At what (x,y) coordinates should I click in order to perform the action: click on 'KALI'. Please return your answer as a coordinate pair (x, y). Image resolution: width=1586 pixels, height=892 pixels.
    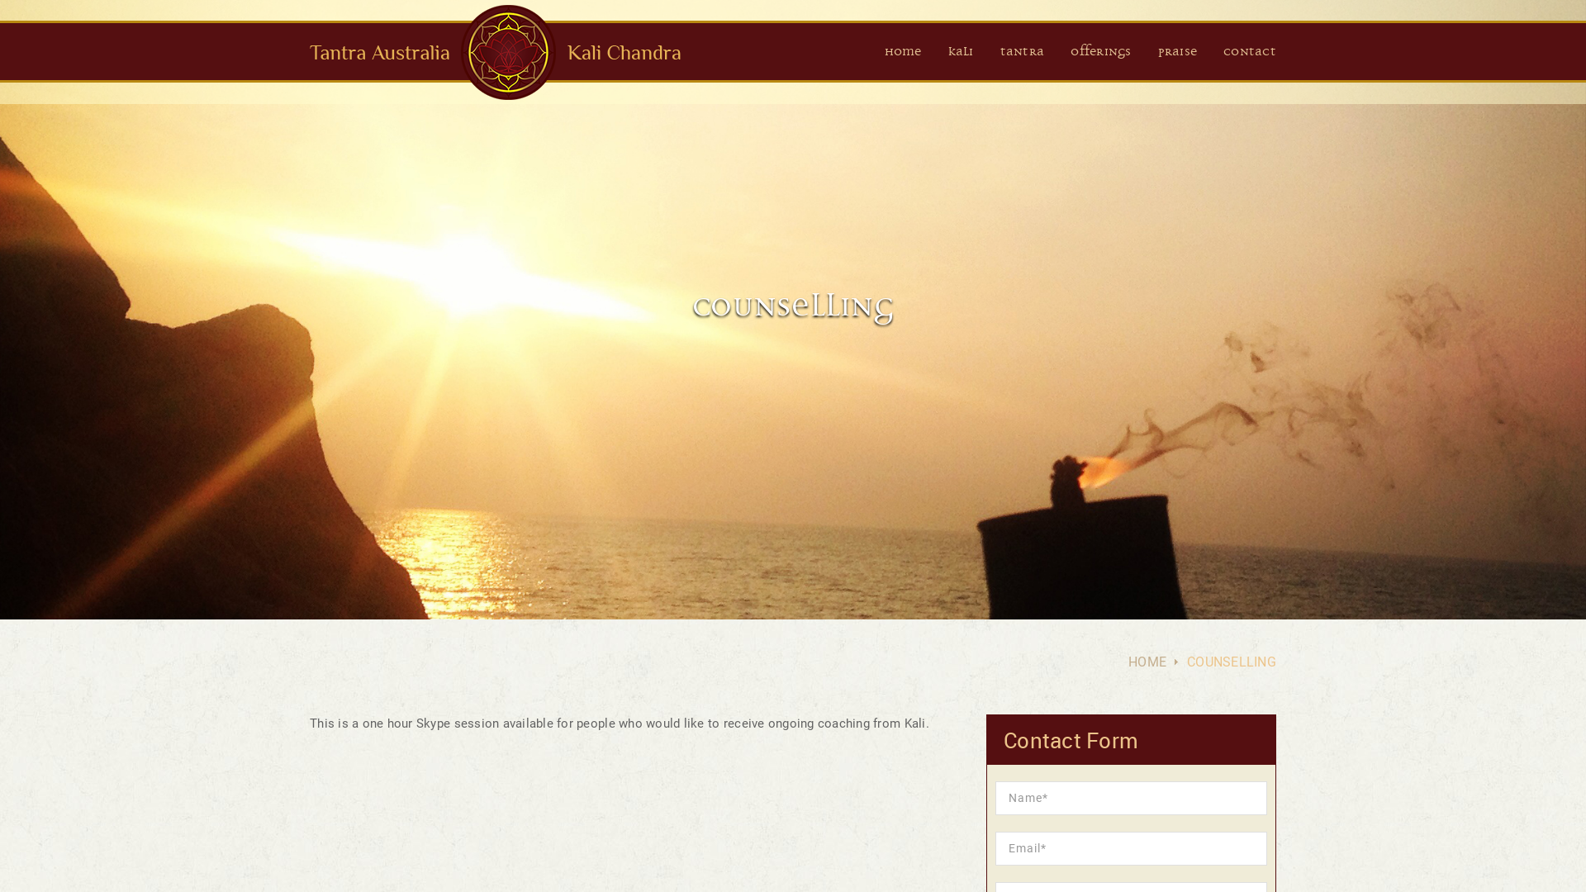
    Looking at the image, I should click on (961, 52).